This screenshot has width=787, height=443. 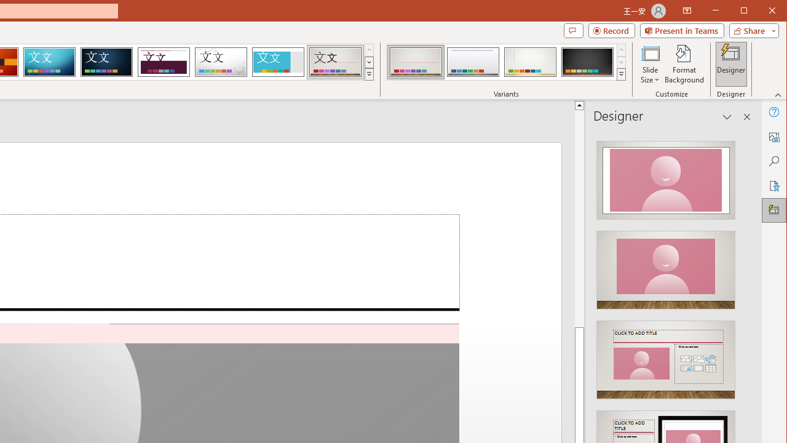 I want to click on 'Gallery', so click(x=335, y=62).